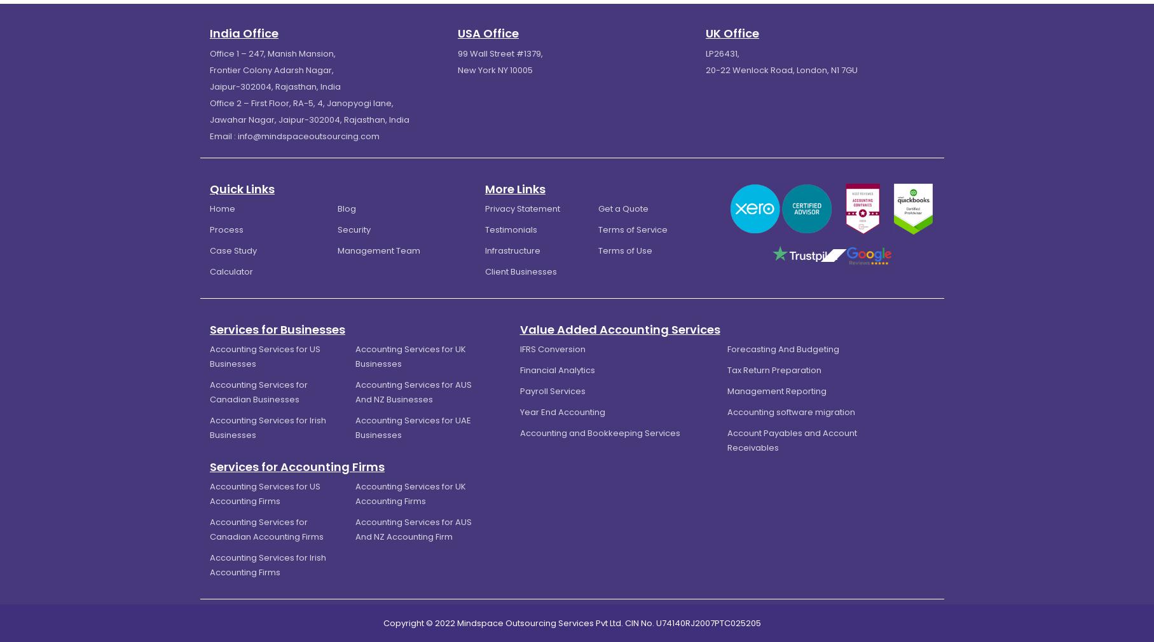 The width and height of the screenshot is (1154, 642). I want to click on 'Accounting Services for US Accounting Firms', so click(265, 493).